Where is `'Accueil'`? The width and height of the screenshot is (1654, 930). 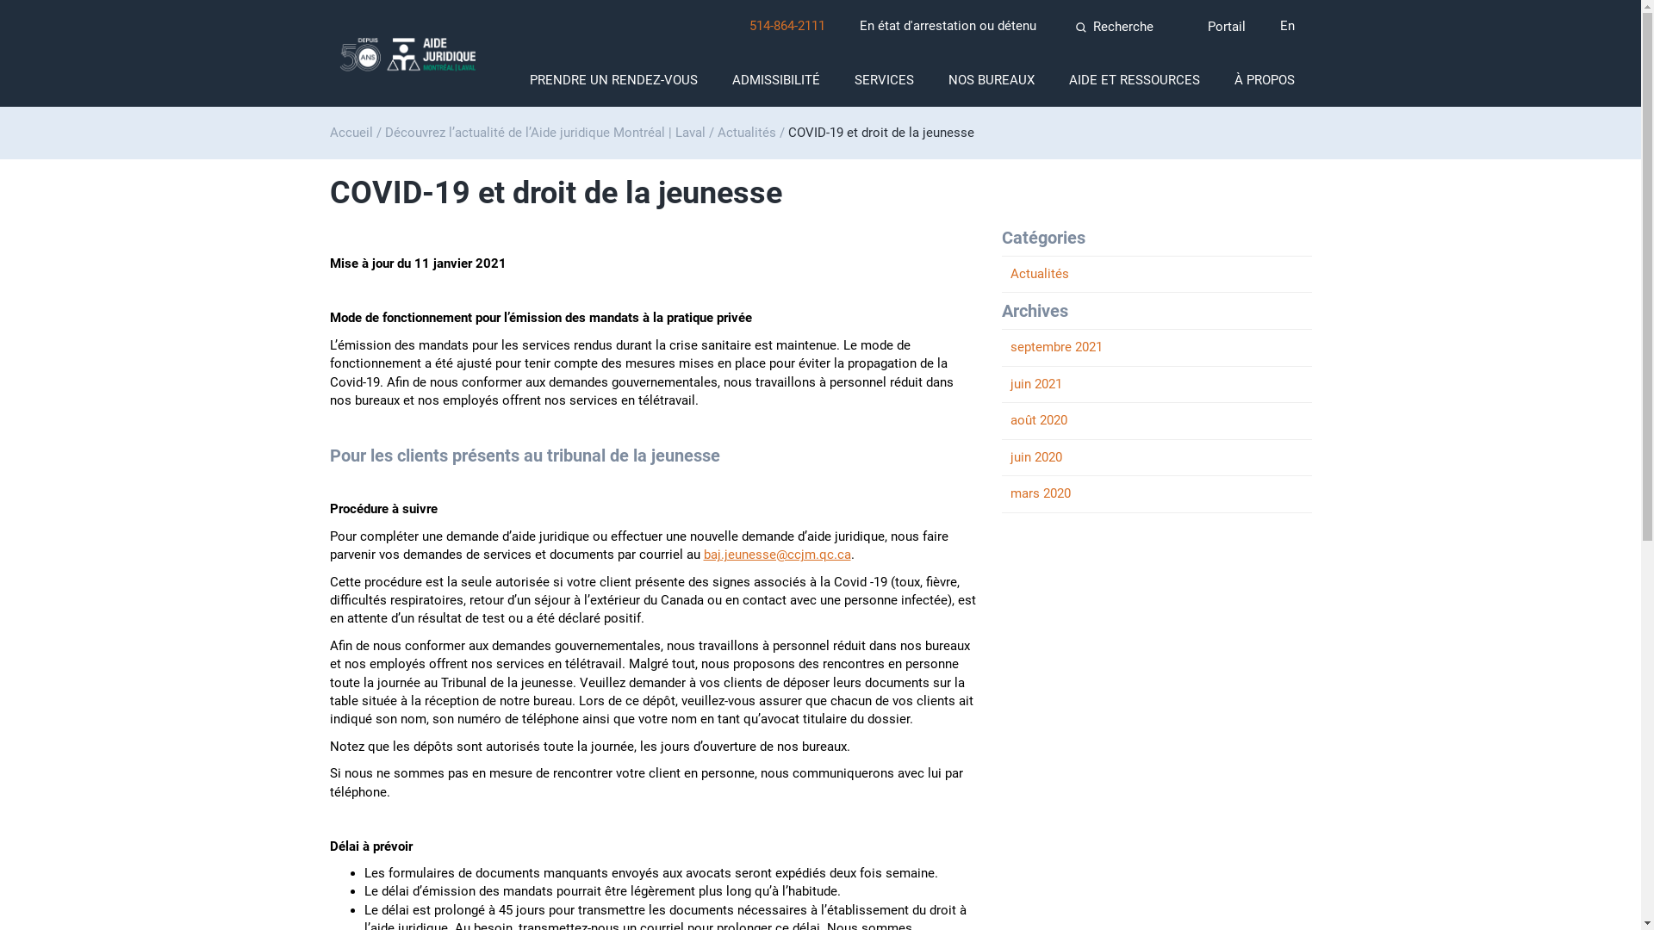
'Accueil' is located at coordinates (350, 132).